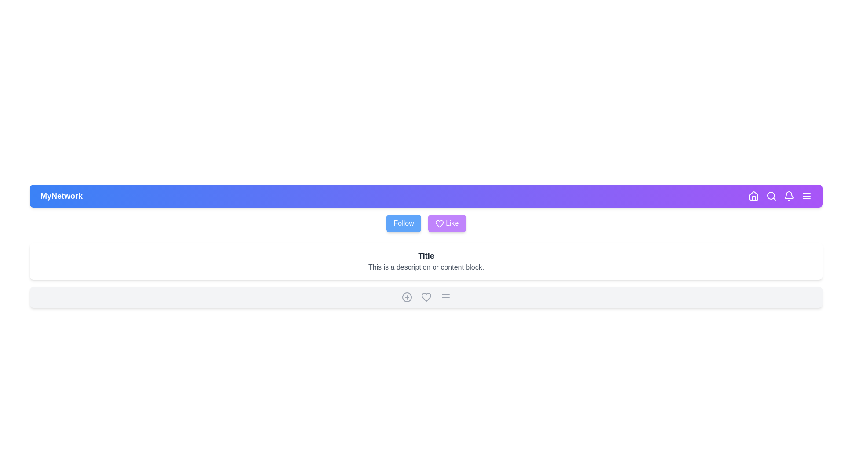  What do you see at coordinates (406, 297) in the screenshot?
I see `the first icon, which is a circular plus symbol representing an action to add or create something new within the interface` at bounding box center [406, 297].